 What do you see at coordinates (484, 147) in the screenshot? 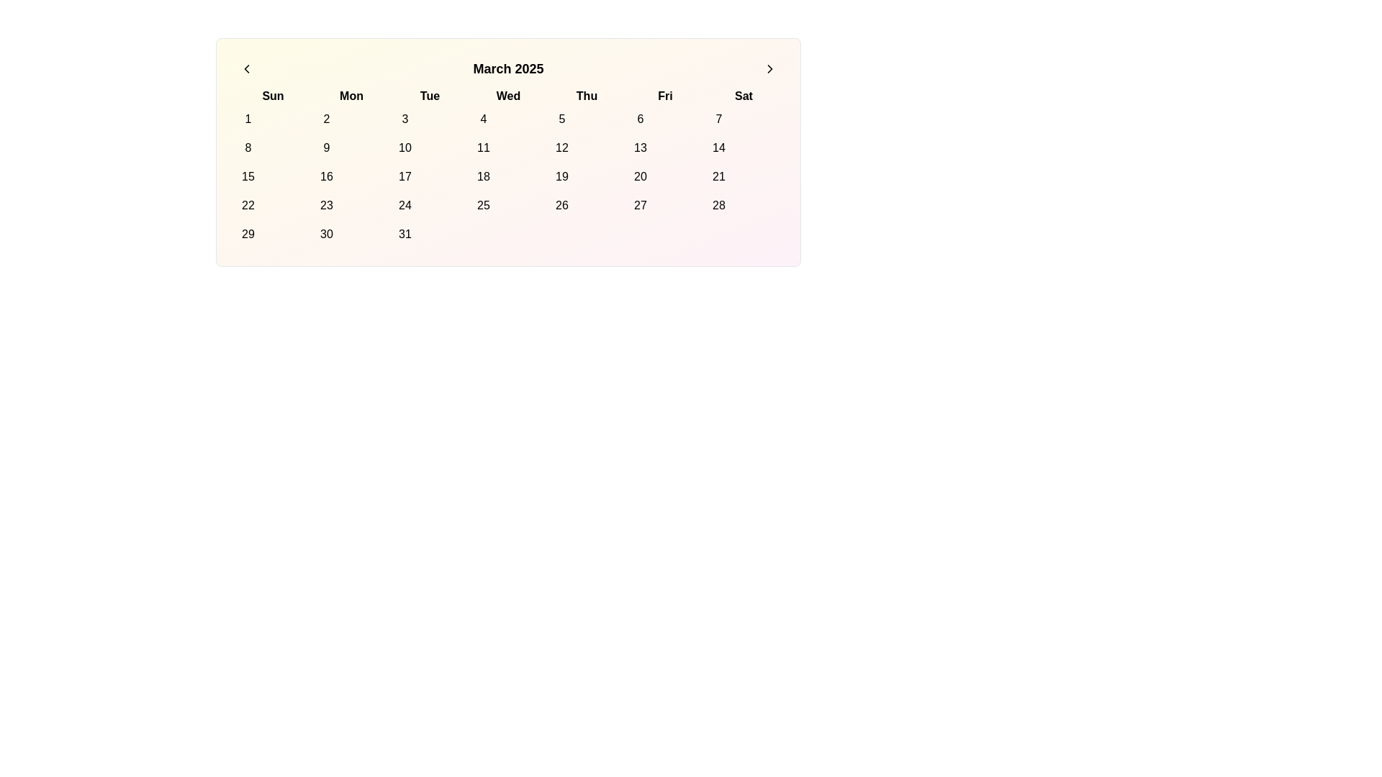
I see `the button in the calendar grid` at bounding box center [484, 147].